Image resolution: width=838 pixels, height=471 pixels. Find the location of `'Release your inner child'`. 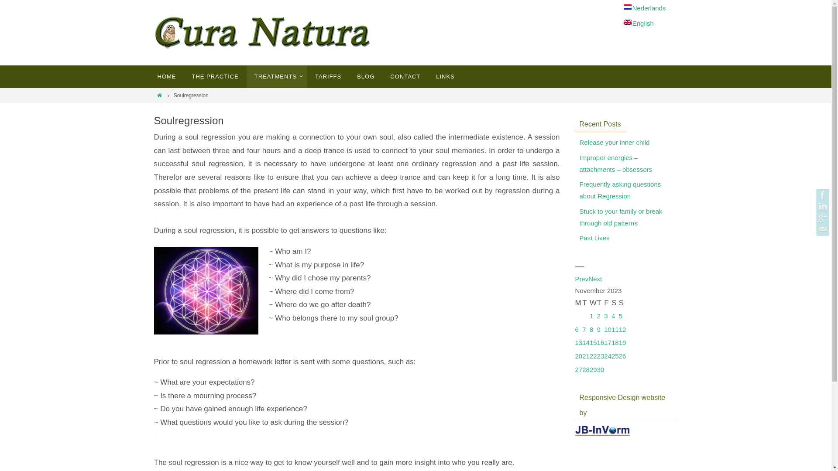

'Release your inner child' is located at coordinates (614, 142).